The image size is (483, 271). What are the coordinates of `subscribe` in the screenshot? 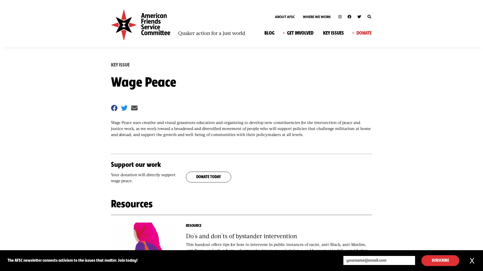 It's located at (440, 260).